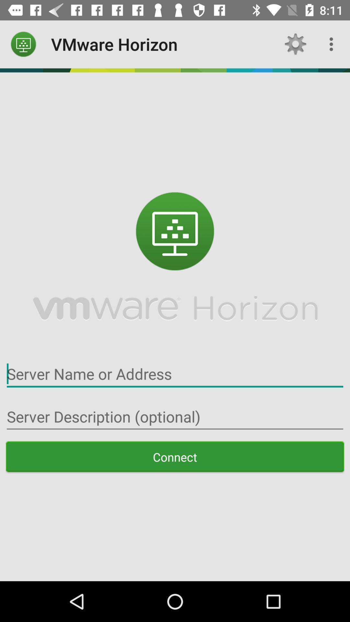 This screenshot has height=622, width=350. I want to click on the item to the left of vmware horizon item, so click(23, 44).